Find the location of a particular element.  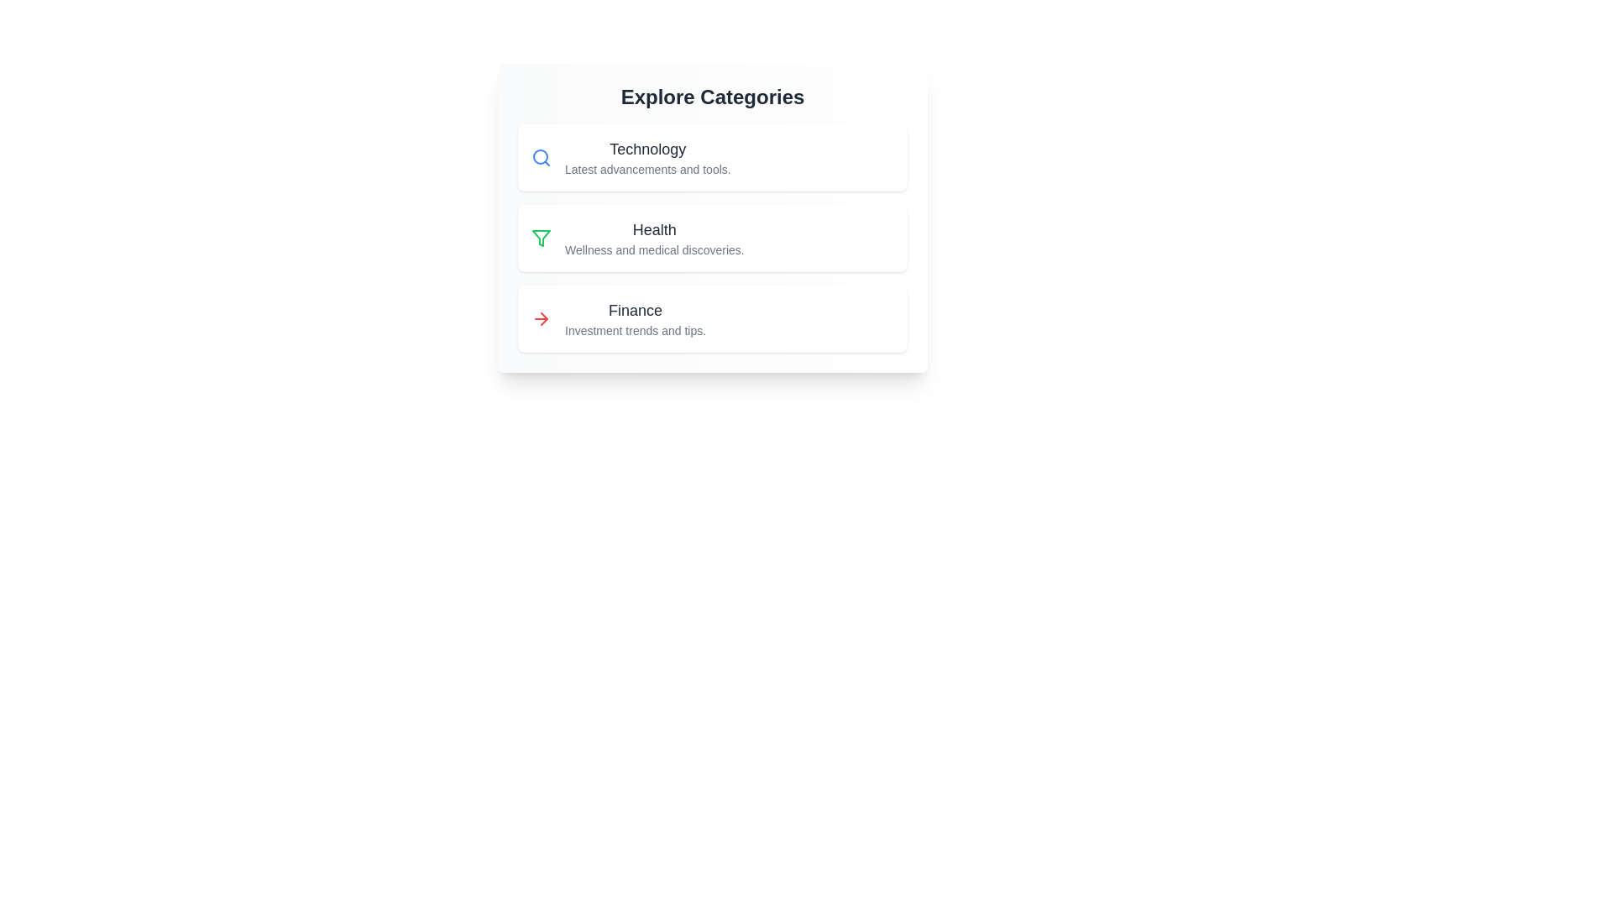

the icon associated with the category Finance is located at coordinates (541, 319).